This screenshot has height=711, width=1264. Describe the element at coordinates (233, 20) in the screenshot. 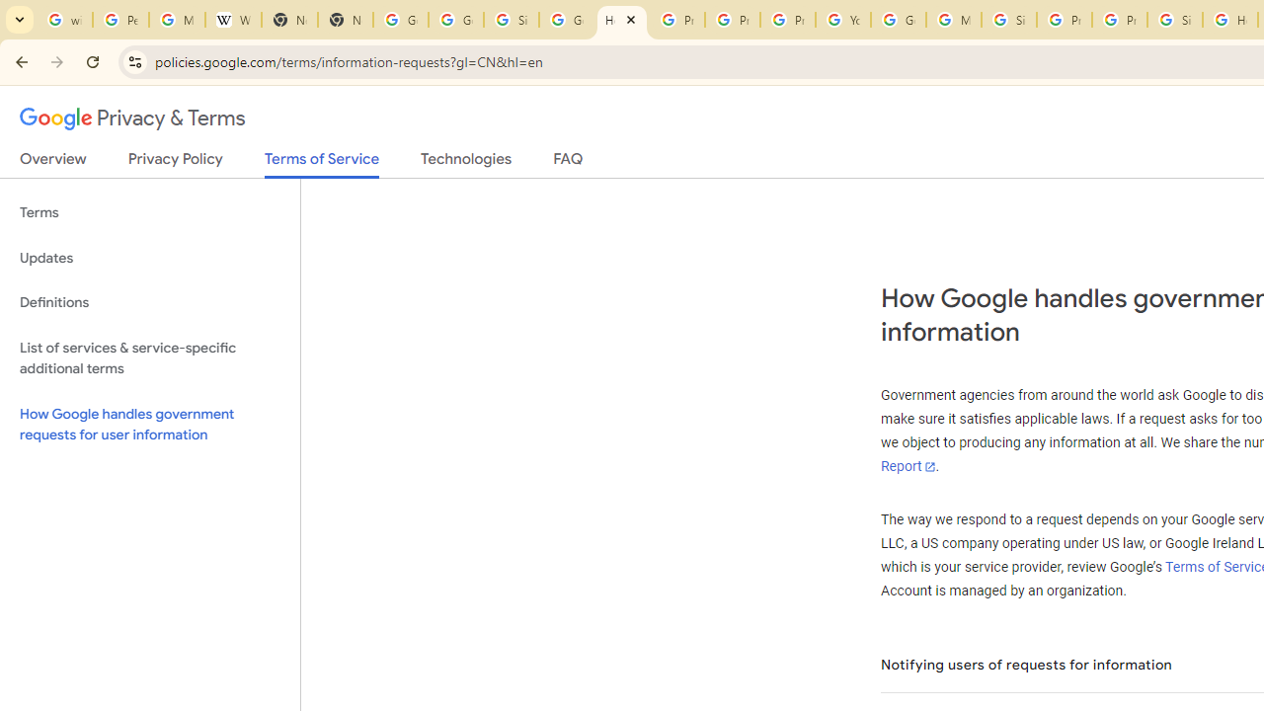

I see `'Wikipedia:Edit requests - Wikipedia'` at that location.